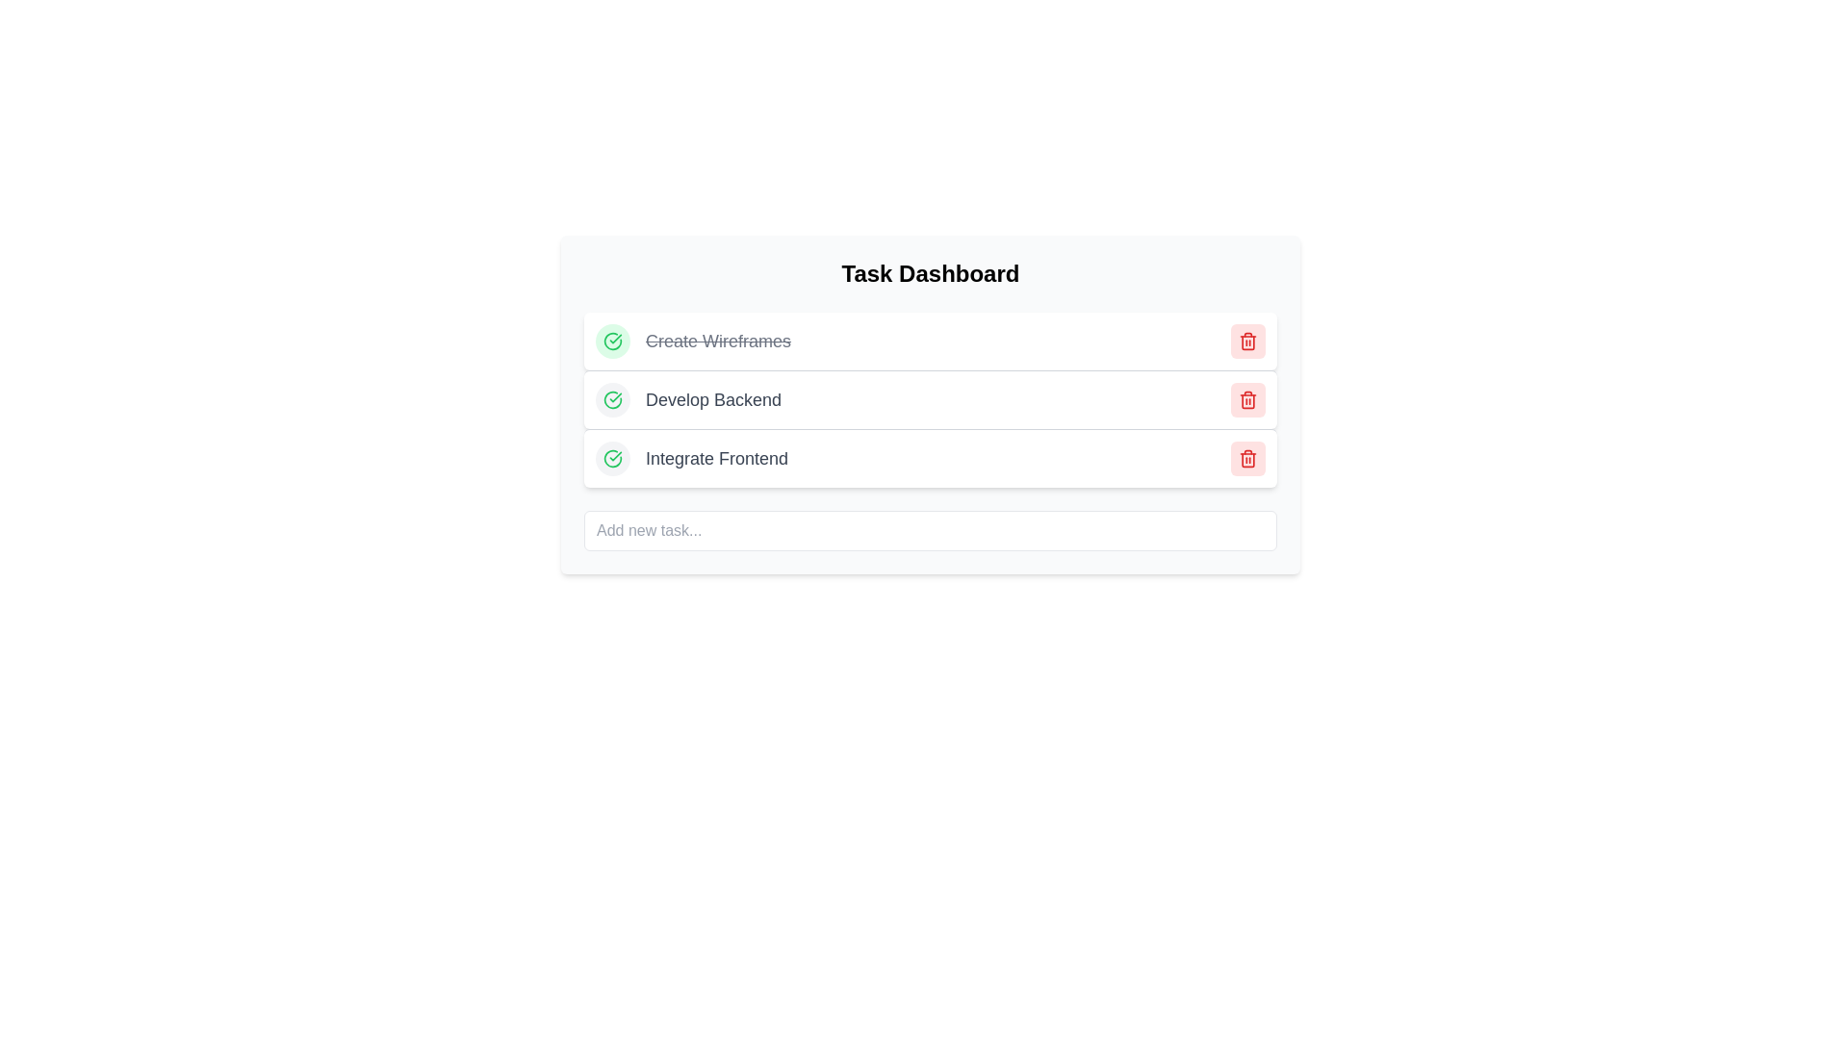  Describe the element at coordinates (1247, 340) in the screenshot. I see `the delete button with a pale red background and a red trash can icon, located in the rightmost section of the 'Create Wireframes' task row` at that location.